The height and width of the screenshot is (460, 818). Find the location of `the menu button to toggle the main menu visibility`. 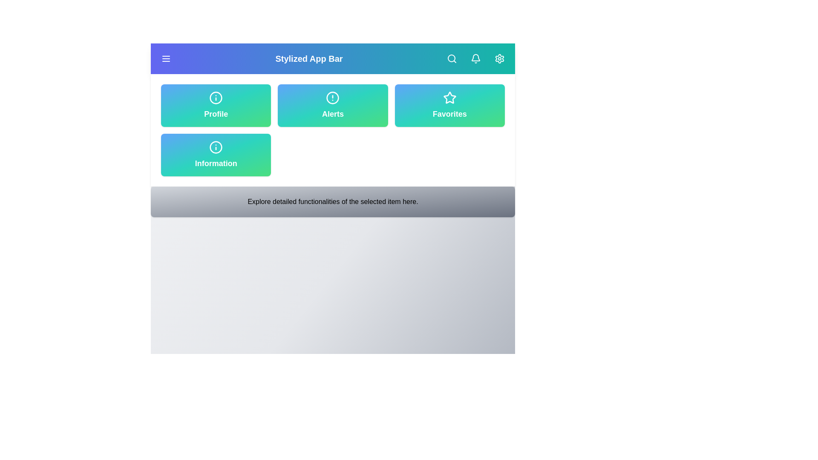

the menu button to toggle the main menu visibility is located at coordinates (166, 58).